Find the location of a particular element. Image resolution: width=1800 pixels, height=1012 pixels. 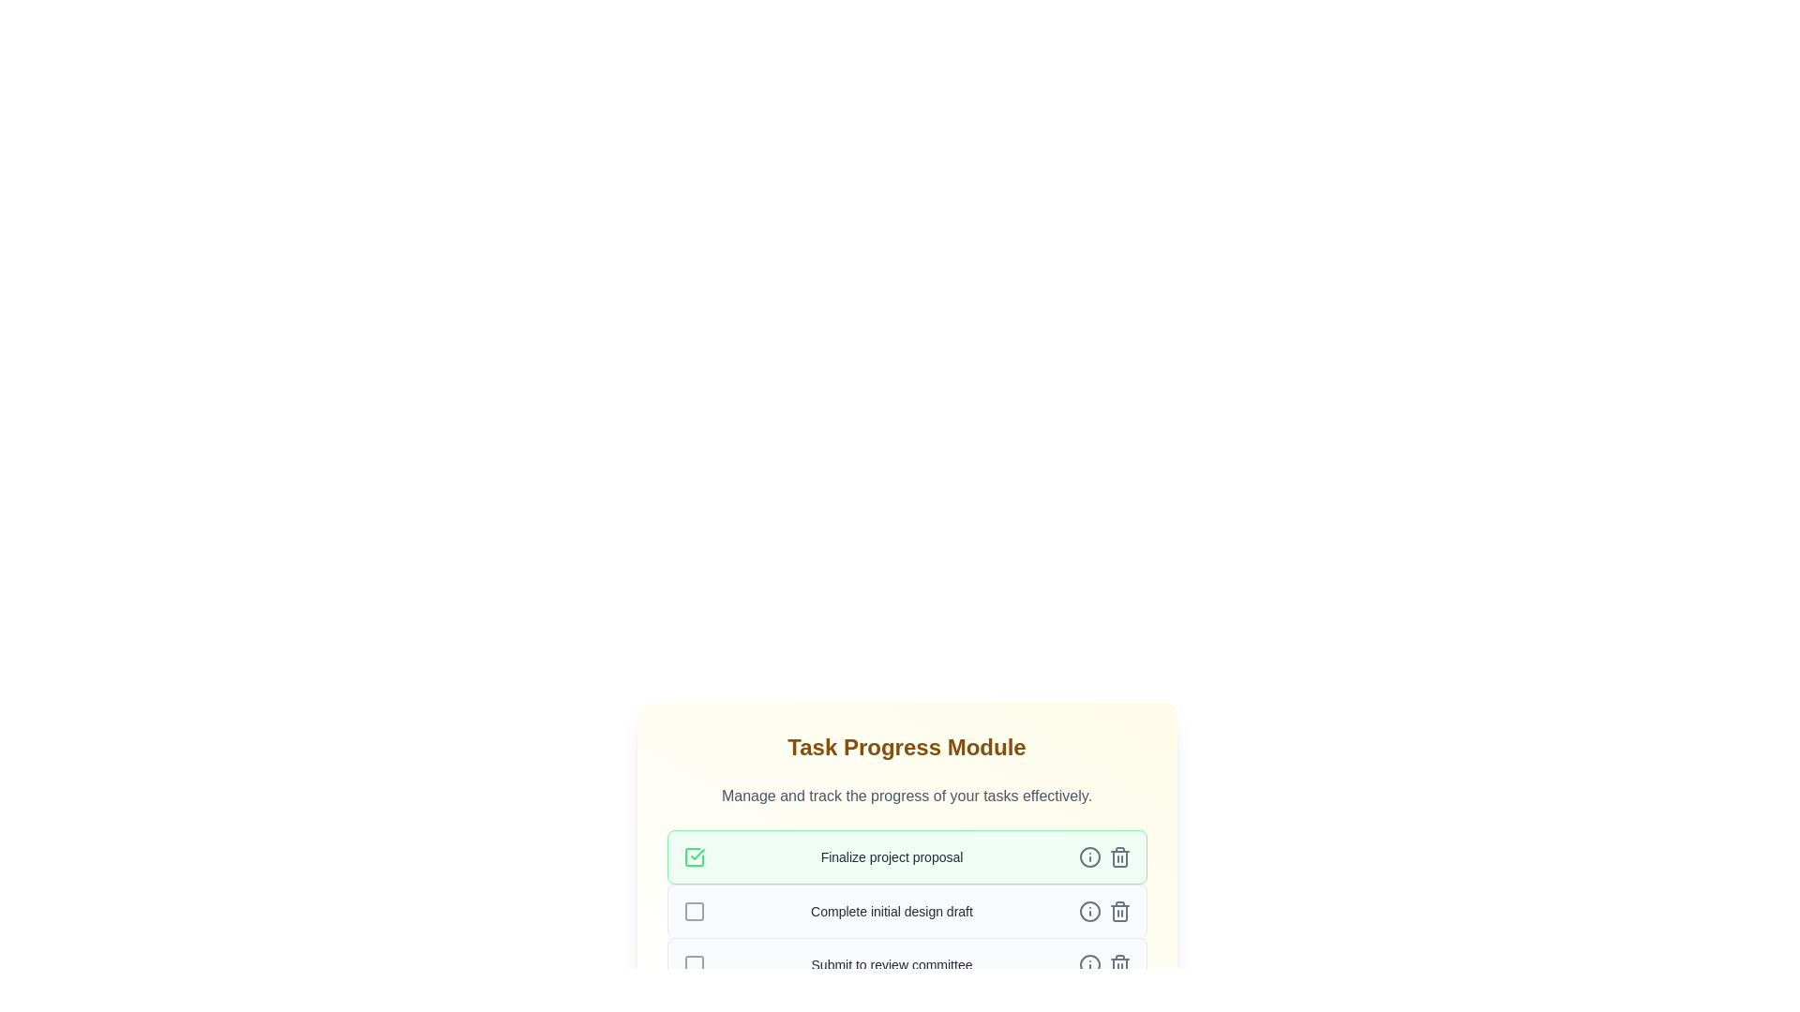

the trash bin icon at the right end of the 'Complete initial design draft' row to change its color to red is located at coordinates (1119, 910).